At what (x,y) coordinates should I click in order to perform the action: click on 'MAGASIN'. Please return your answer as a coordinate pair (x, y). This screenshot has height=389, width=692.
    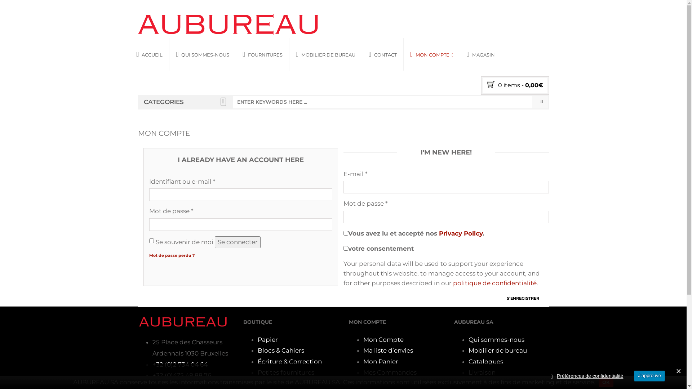
    Looking at the image, I should click on (460, 54).